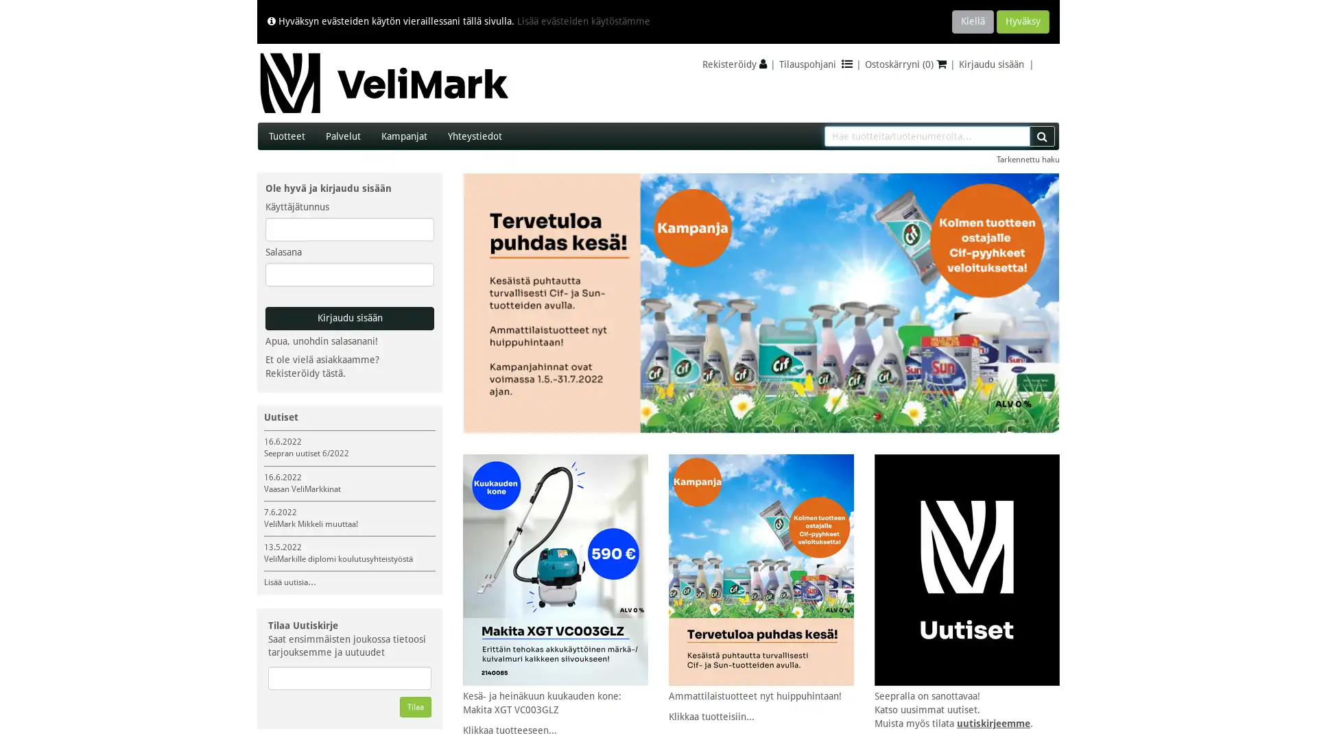 This screenshot has width=1317, height=740. What do you see at coordinates (349, 319) in the screenshot?
I see `Kirjaudu sisaan` at bounding box center [349, 319].